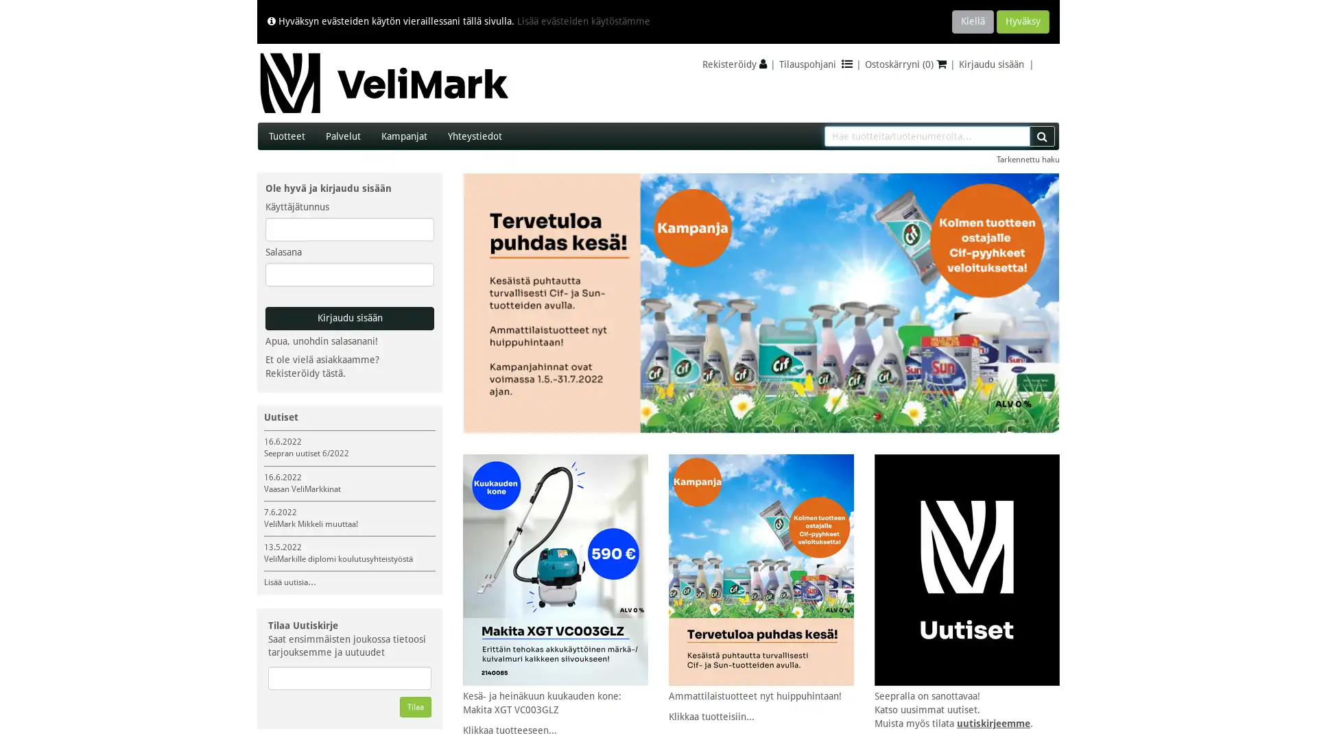 This screenshot has width=1317, height=740. What do you see at coordinates (349, 319) in the screenshot?
I see `Kirjaudu sisaan` at bounding box center [349, 319].